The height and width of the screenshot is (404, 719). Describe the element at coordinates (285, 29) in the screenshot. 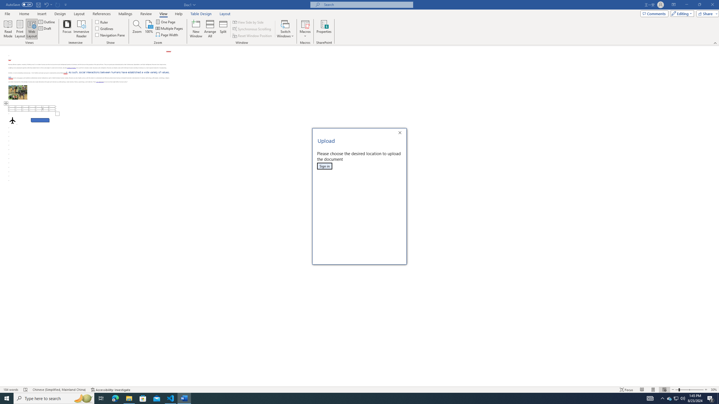

I see `'Switch Windows'` at that location.